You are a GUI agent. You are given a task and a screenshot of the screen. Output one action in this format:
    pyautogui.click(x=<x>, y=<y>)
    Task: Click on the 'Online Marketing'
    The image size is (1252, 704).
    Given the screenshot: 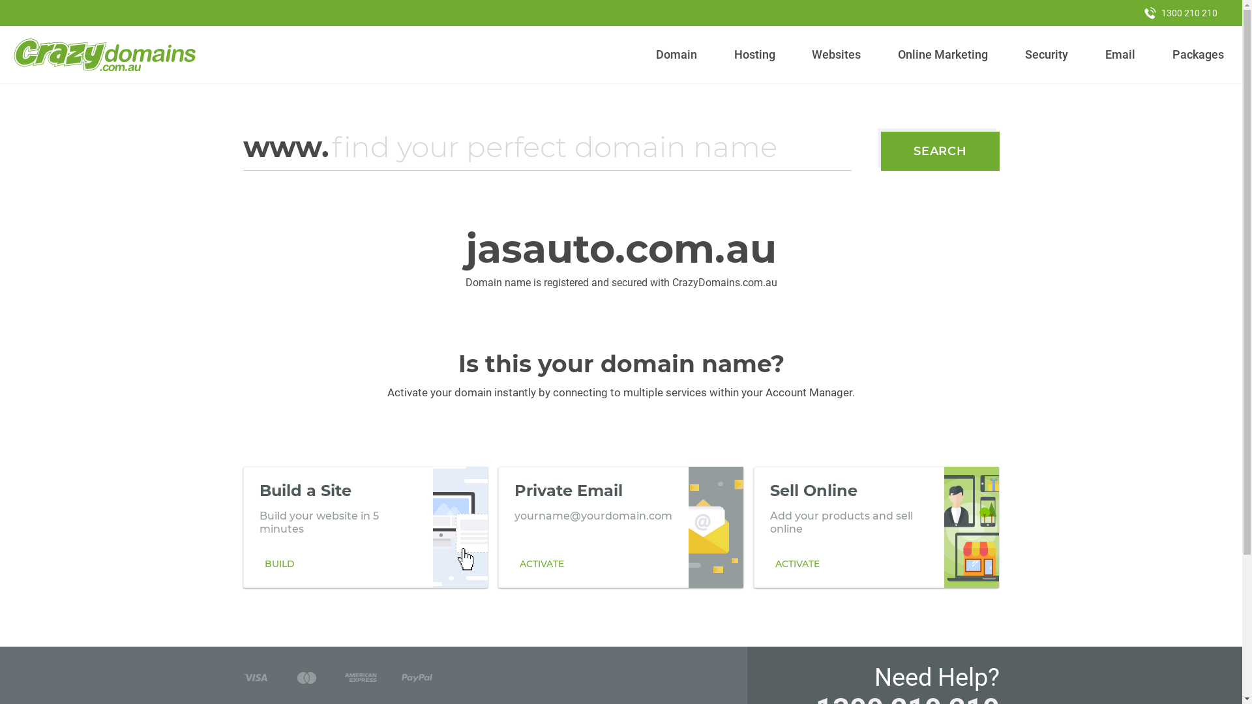 What is the action you would take?
    pyautogui.click(x=943, y=54)
    